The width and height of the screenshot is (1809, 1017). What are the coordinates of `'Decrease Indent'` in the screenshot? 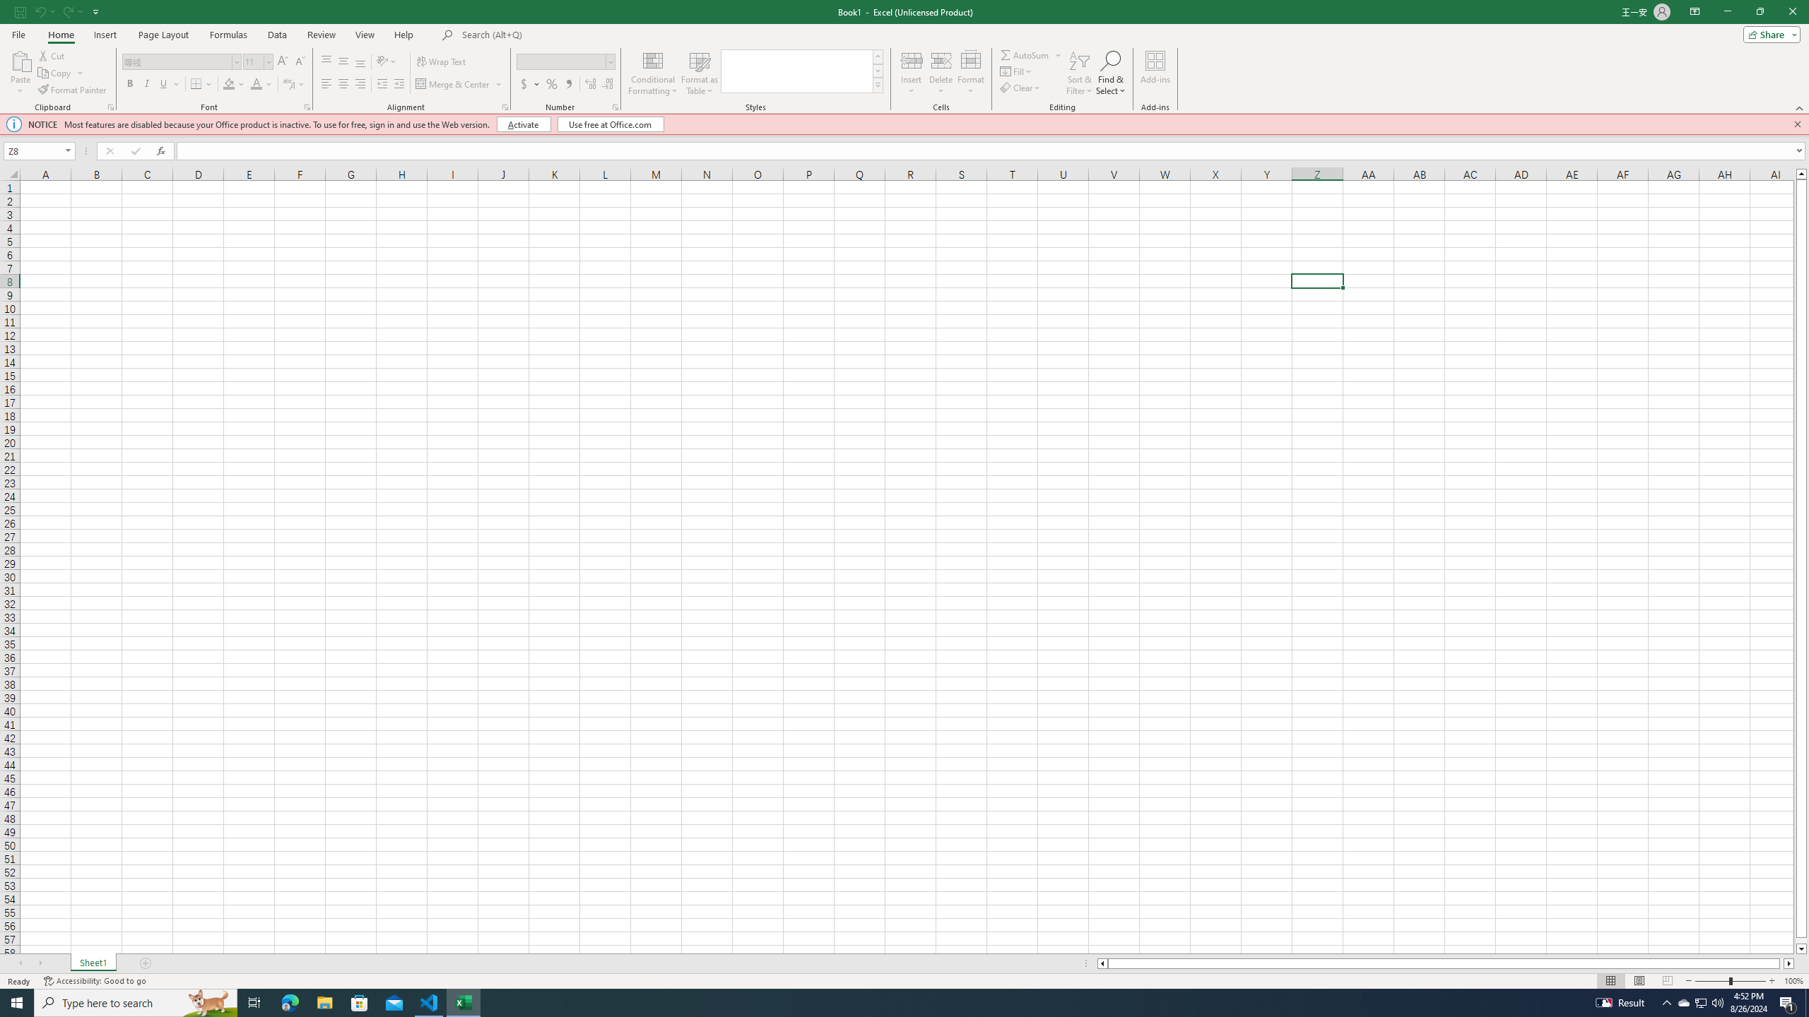 It's located at (382, 83).